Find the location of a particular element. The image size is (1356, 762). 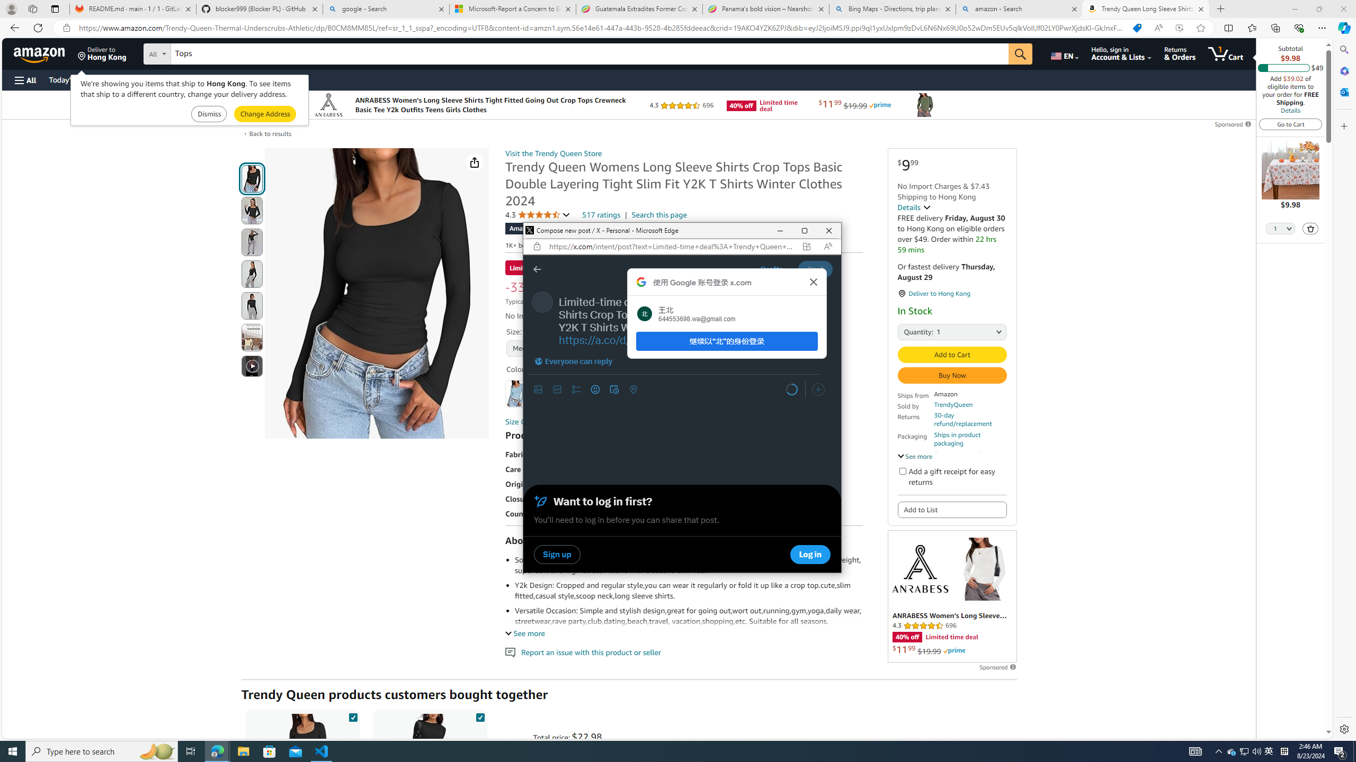

'Share' is located at coordinates (475, 162).